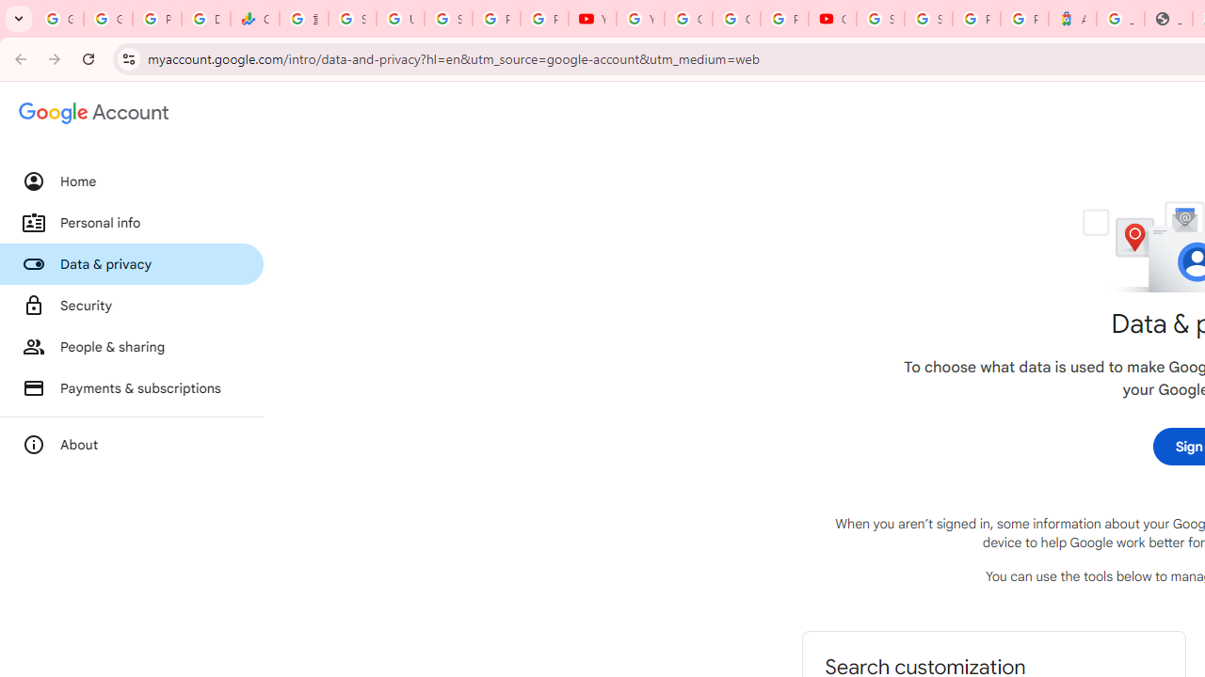 This screenshot has width=1205, height=677. What do you see at coordinates (687, 19) in the screenshot?
I see `'Google Account Help'` at bounding box center [687, 19].